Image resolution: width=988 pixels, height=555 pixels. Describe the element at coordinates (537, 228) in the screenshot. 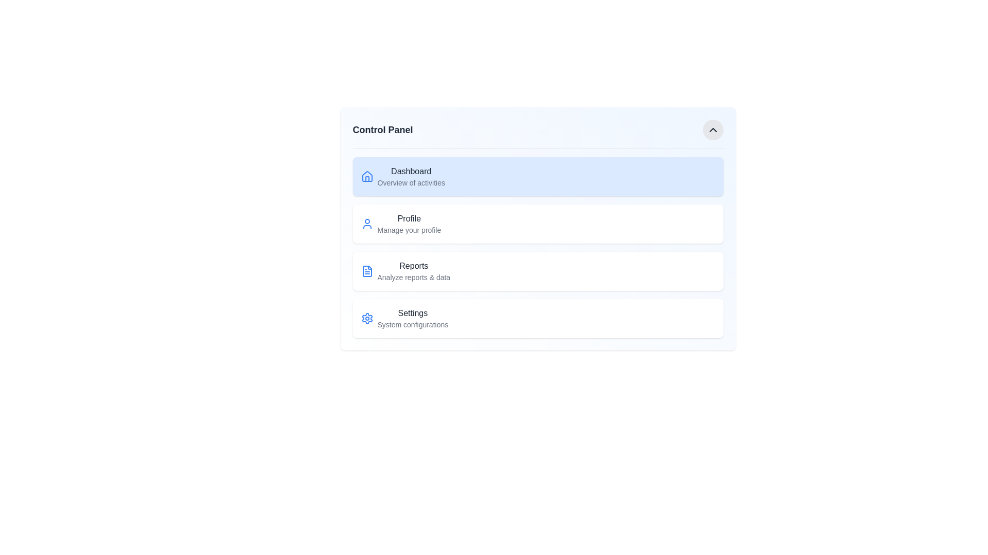

I see `the navigation menu panel centered in the main interface area` at that location.